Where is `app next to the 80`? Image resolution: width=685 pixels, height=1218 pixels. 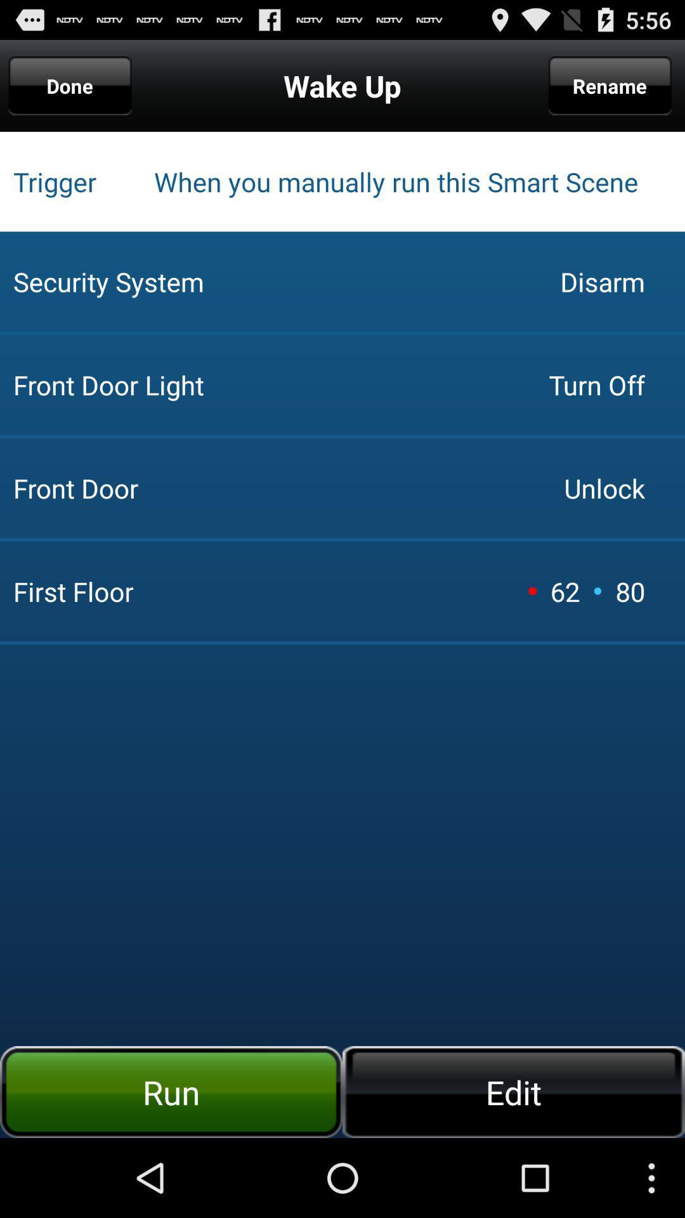 app next to the 80 is located at coordinates (597, 590).